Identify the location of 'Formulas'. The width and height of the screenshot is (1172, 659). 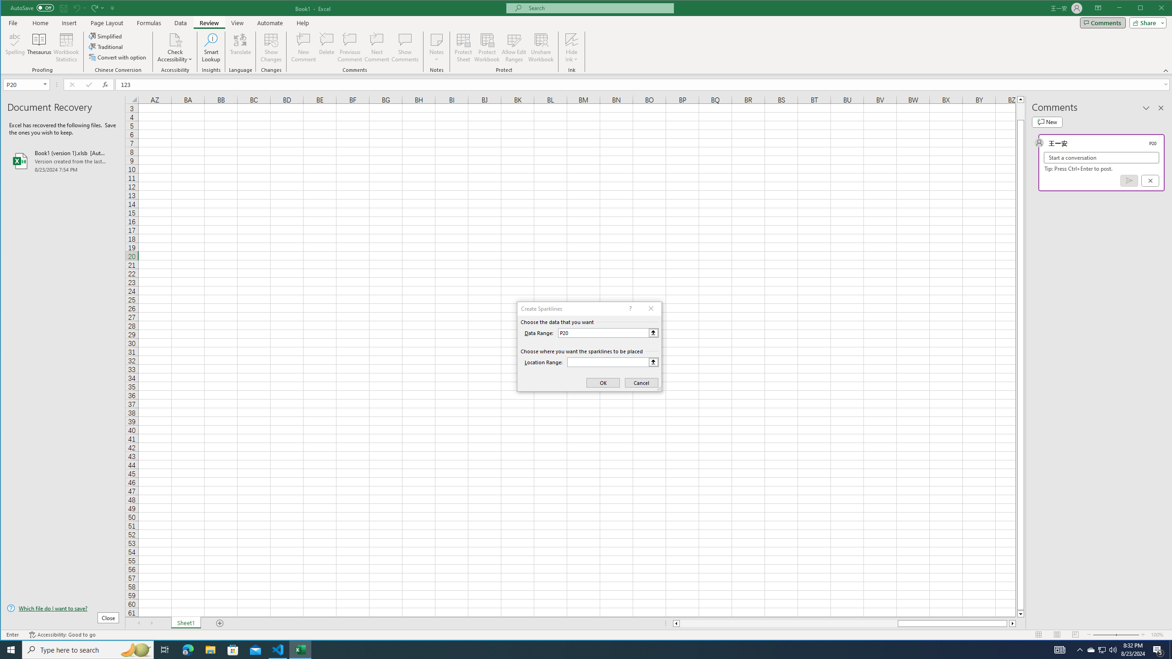
(149, 22).